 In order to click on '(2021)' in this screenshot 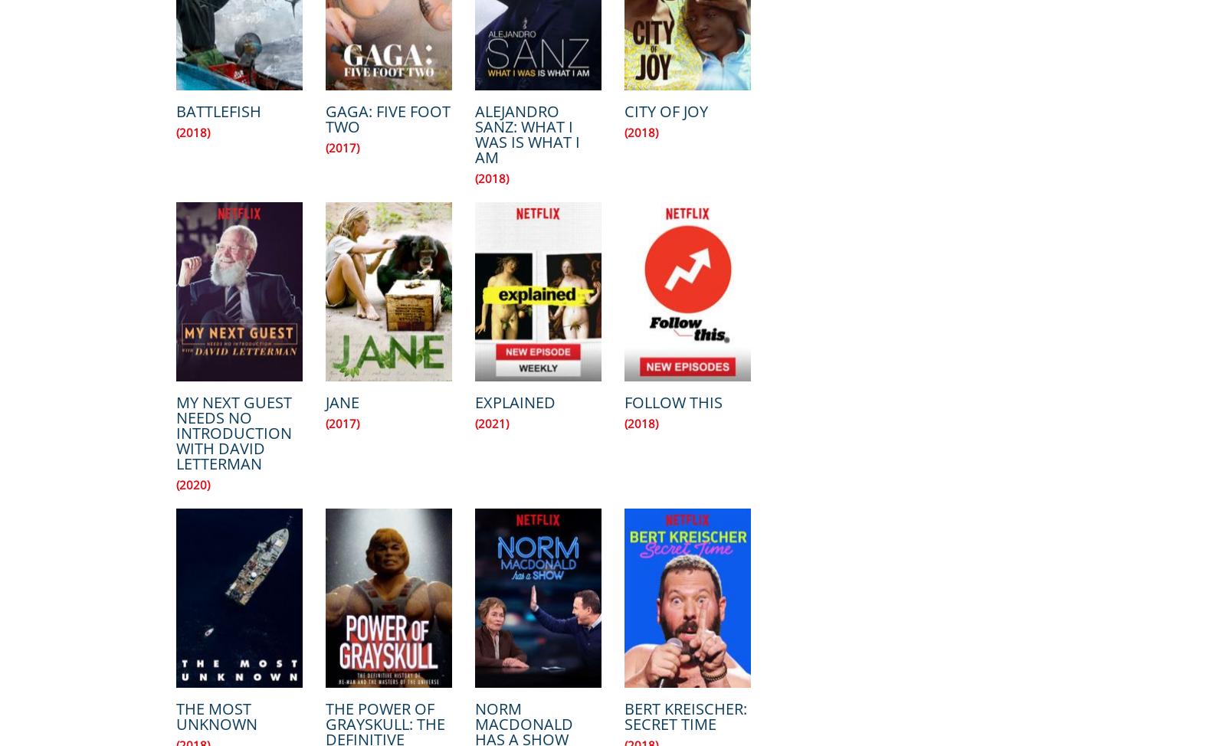, I will do `click(491, 424)`.